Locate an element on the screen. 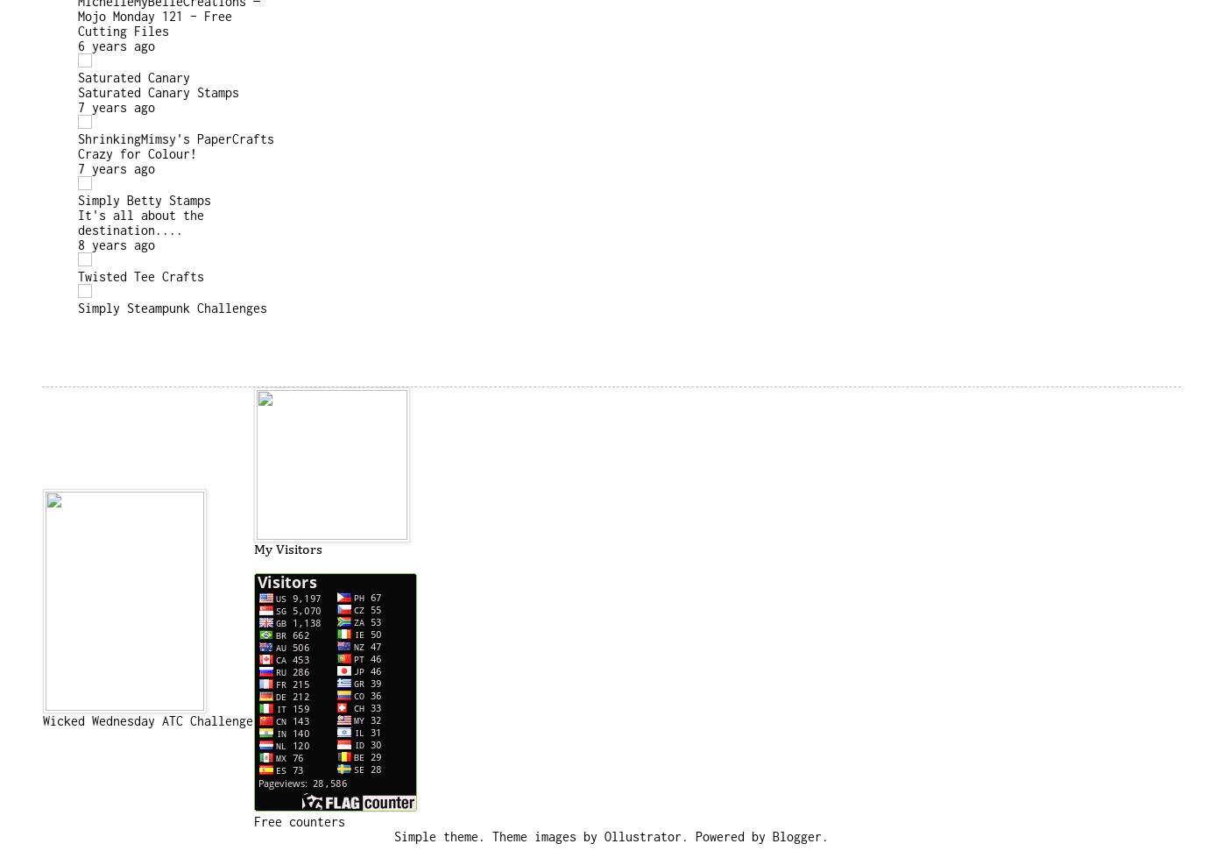  '. Powered by' is located at coordinates (680, 835).